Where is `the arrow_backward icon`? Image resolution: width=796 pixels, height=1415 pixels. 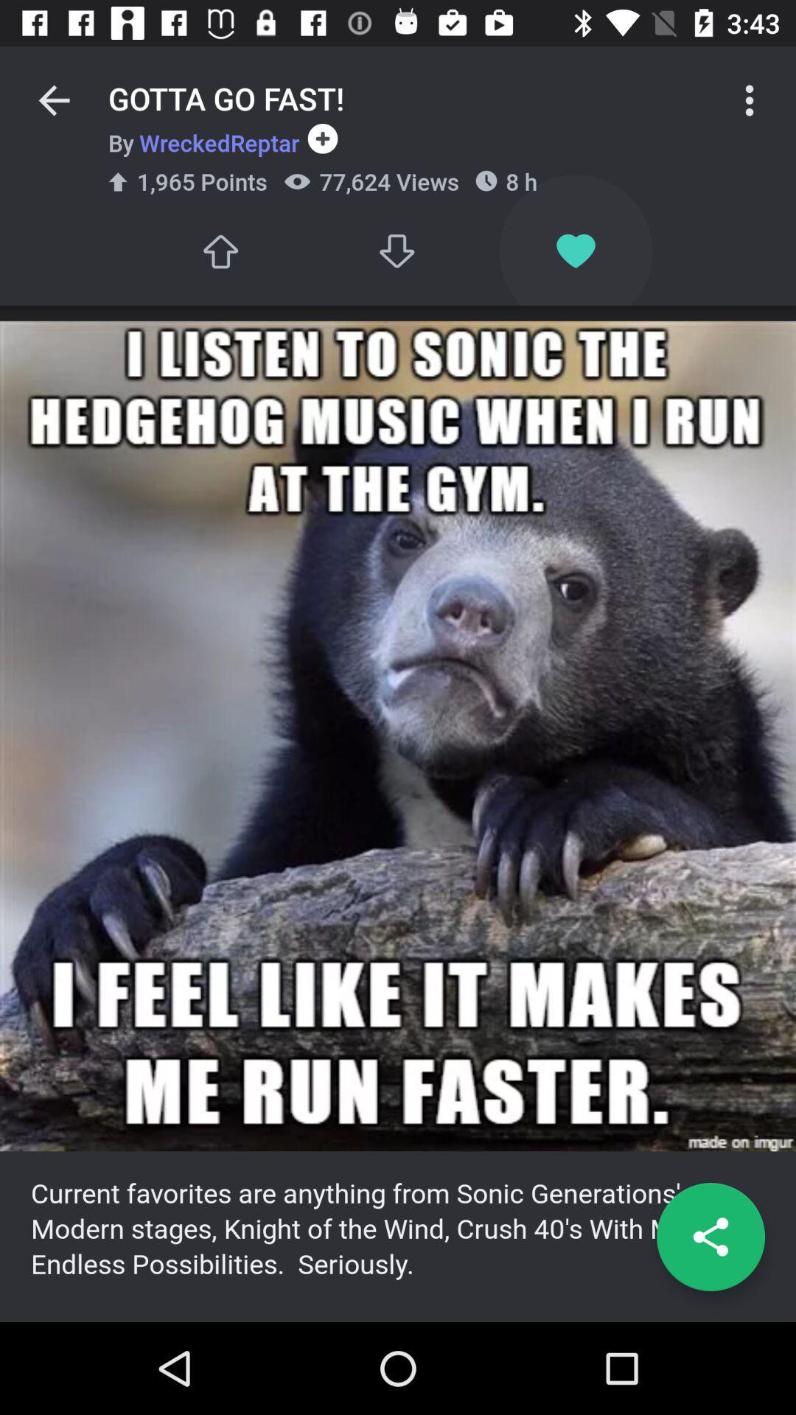
the arrow_backward icon is located at coordinates (53, 99).